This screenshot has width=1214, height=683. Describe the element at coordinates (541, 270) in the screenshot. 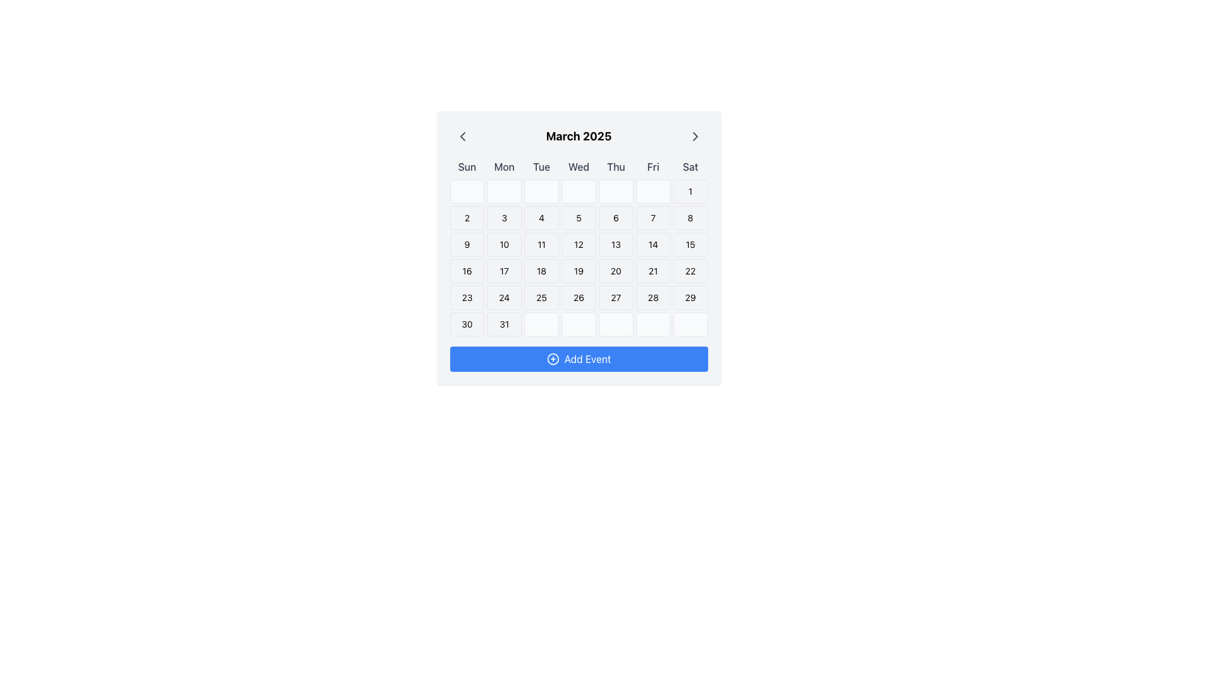

I see `the square button with rounded corners containing the text '18'` at that location.